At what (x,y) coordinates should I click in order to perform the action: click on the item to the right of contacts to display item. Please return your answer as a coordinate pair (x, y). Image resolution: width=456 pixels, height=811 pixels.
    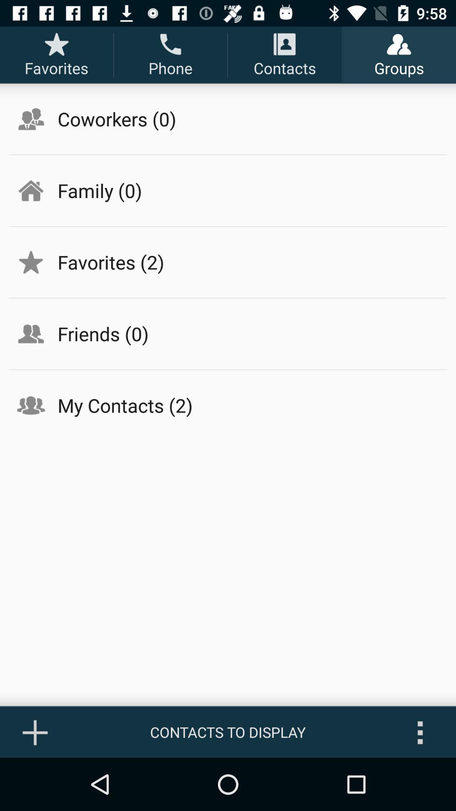
    Looking at the image, I should click on (420, 732).